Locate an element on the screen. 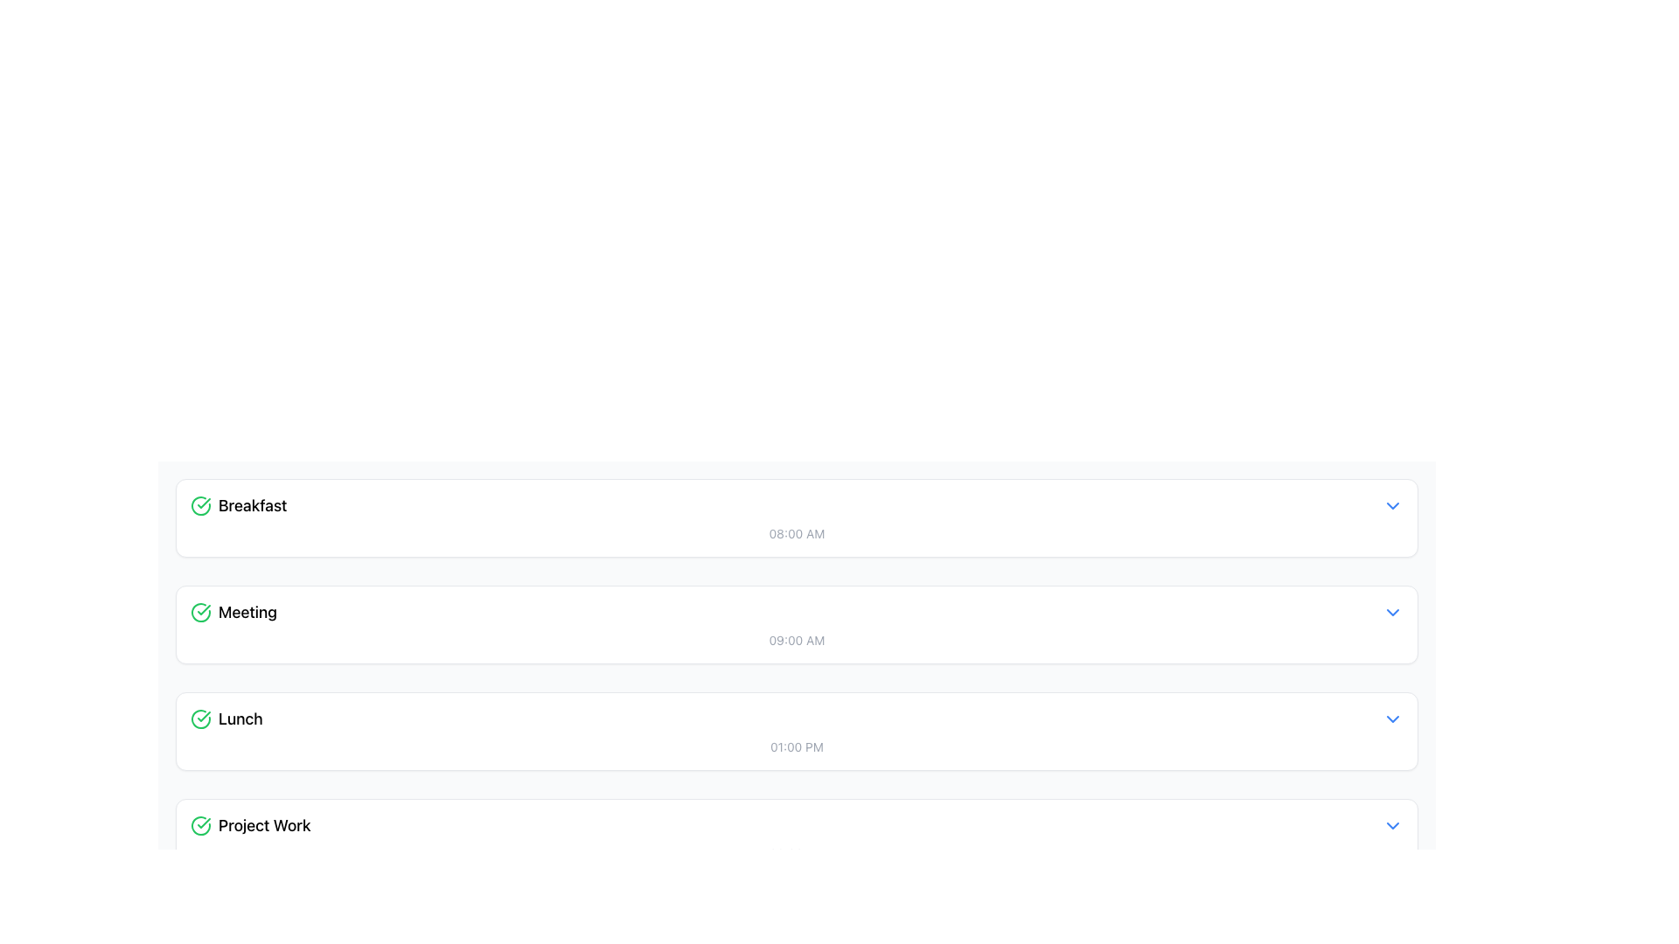  text 'Project Work' which is displayed horizontally with a circular green check icon to its left, located at the bottom of a list of similar elements is located at coordinates (249, 826).